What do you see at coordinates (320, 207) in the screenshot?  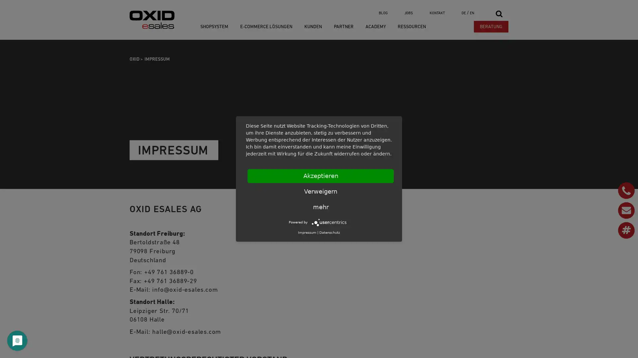 I see `mehr` at bounding box center [320, 207].